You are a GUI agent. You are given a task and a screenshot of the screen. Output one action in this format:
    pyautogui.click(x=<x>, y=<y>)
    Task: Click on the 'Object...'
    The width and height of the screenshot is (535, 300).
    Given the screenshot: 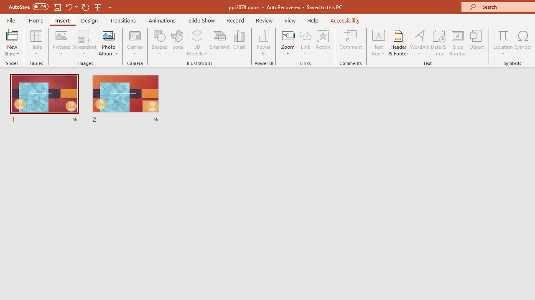 What is the action you would take?
    pyautogui.click(x=477, y=43)
    